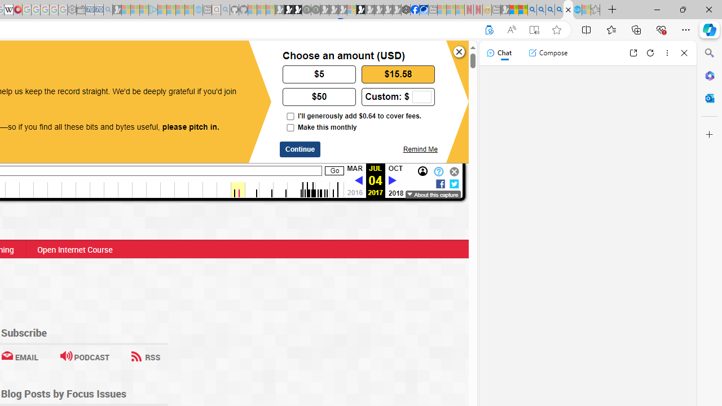 The width and height of the screenshot is (722, 406). What do you see at coordinates (531, 10) in the screenshot?
I see `'Bing AI - Search'` at bounding box center [531, 10].